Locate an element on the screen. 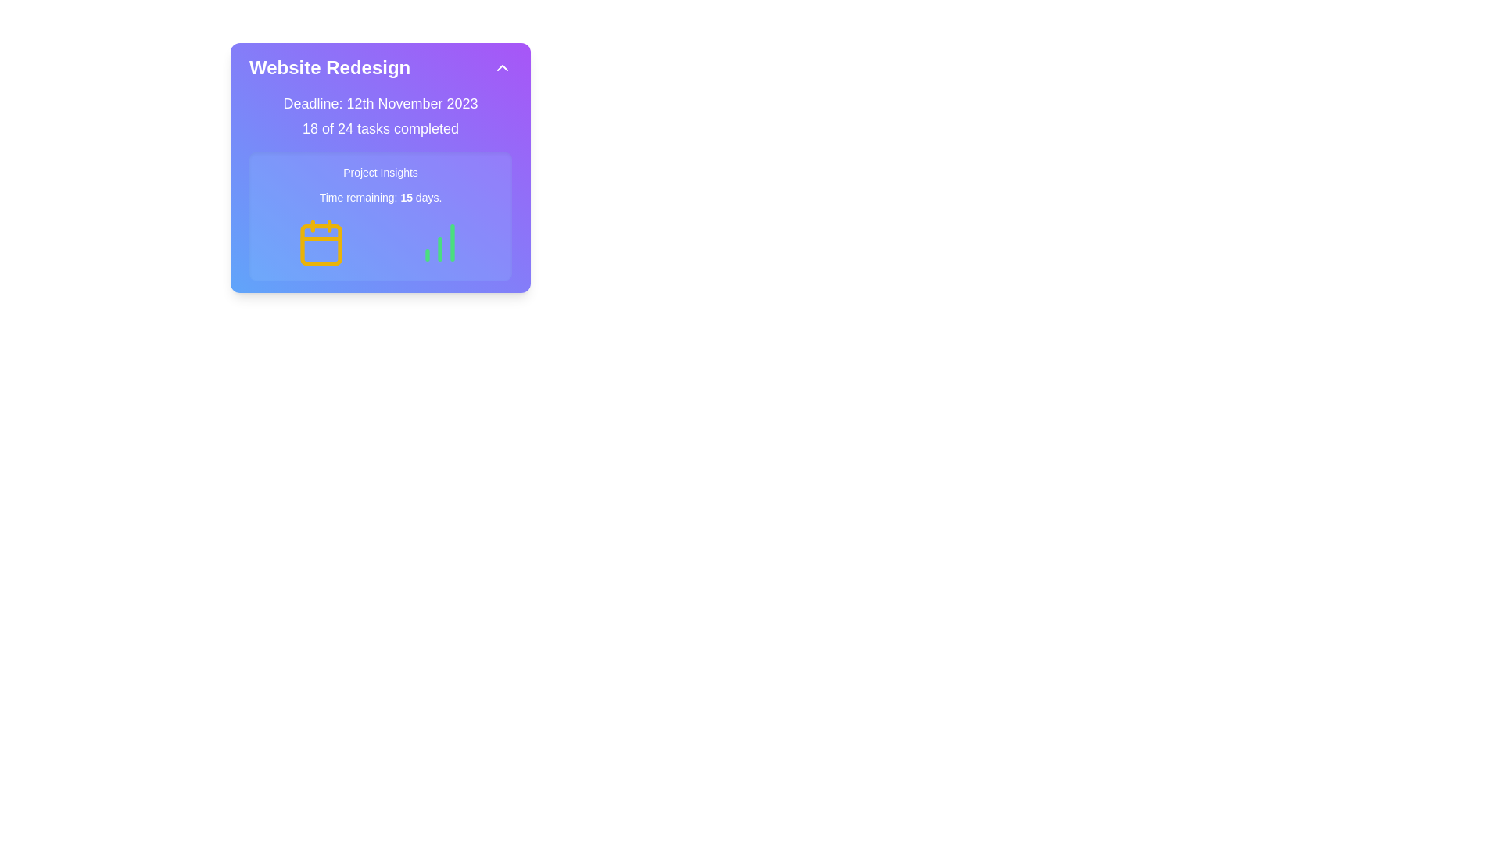 The width and height of the screenshot is (1501, 844). the Text Label that informs the user about the remaining time for the task or project duration, located in the 'Project Insights' section, centrally aligned below the section header is located at coordinates (380, 197).